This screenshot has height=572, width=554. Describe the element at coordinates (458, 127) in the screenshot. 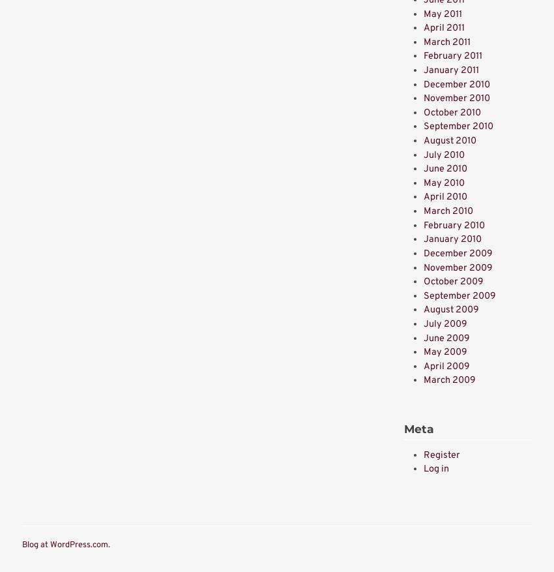

I see `'September 2010'` at that location.